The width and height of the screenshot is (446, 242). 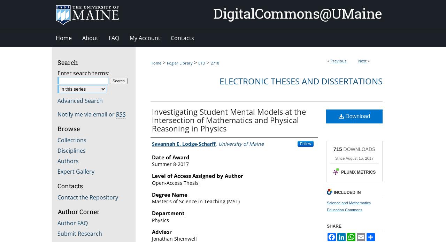 What do you see at coordinates (168, 213) in the screenshot?
I see `'Department'` at bounding box center [168, 213].